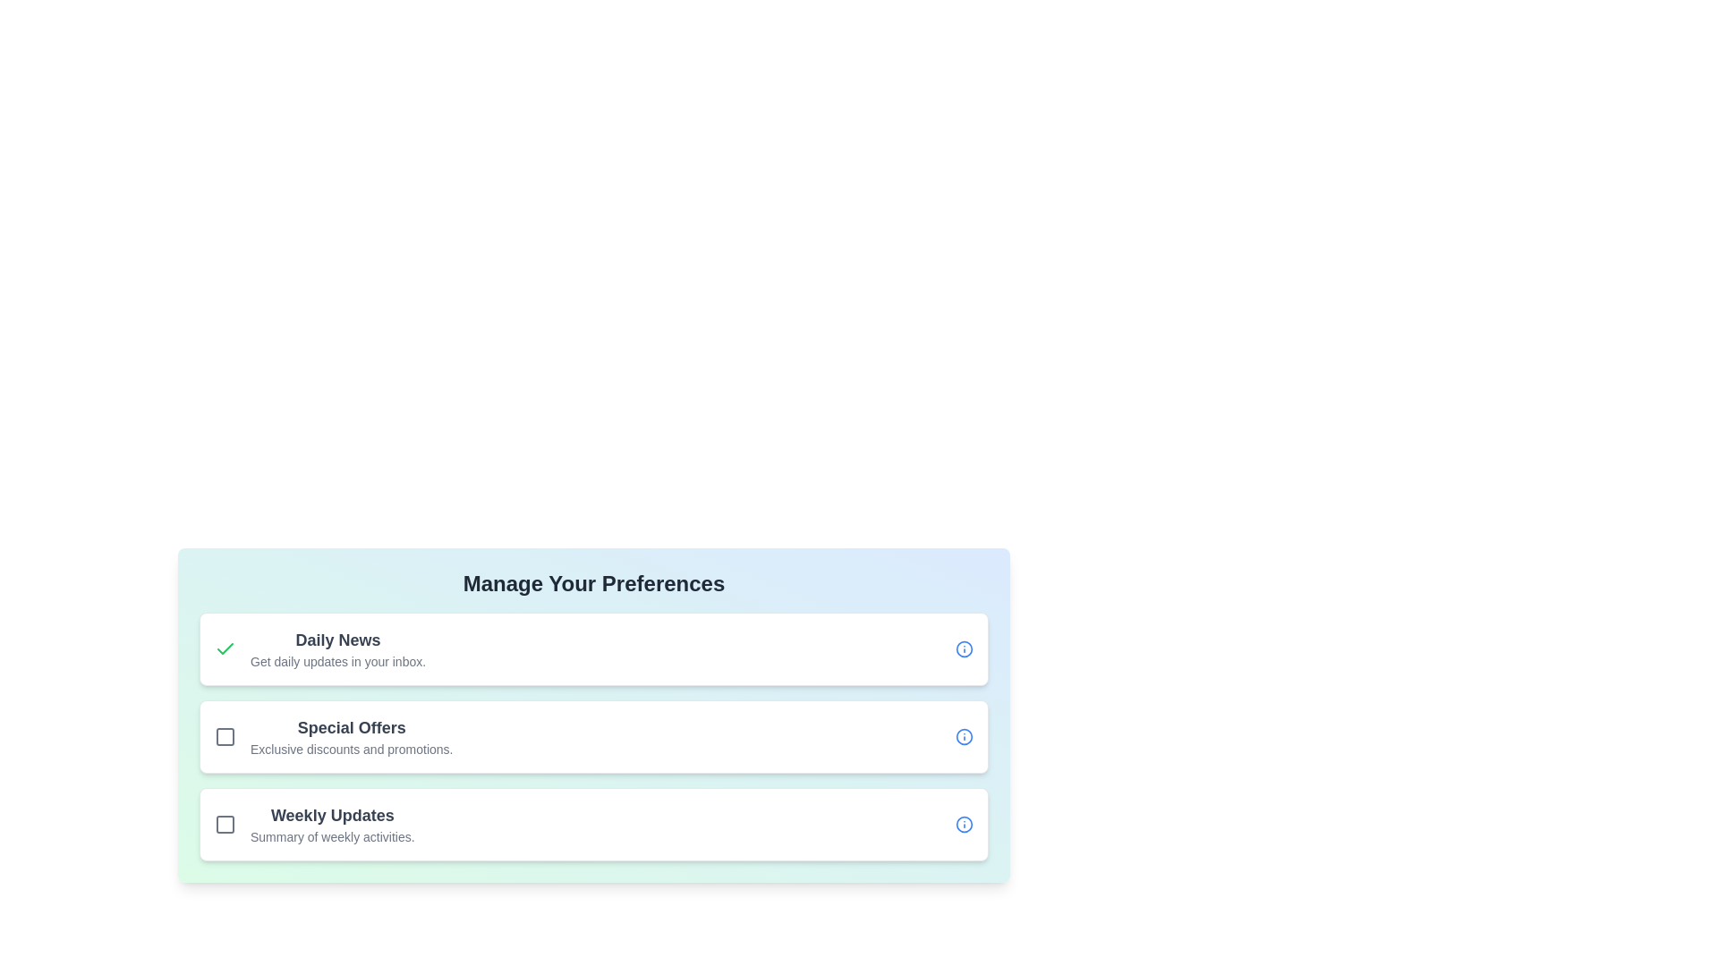  Describe the element at coordinates (332, 837) in the screenshot. I see `the text label that reads 'Summary of weekly activities.' positioned below the 'Weekly Updates' header` at that location.